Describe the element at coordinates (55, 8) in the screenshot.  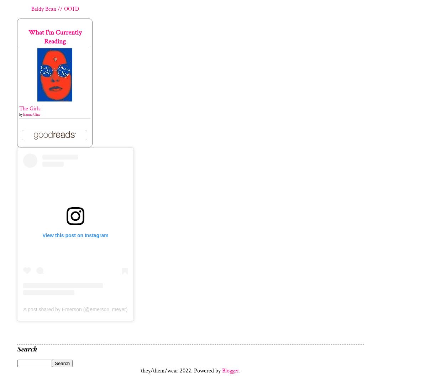
I see `'Baldy Bean // OOTD'` at that location.